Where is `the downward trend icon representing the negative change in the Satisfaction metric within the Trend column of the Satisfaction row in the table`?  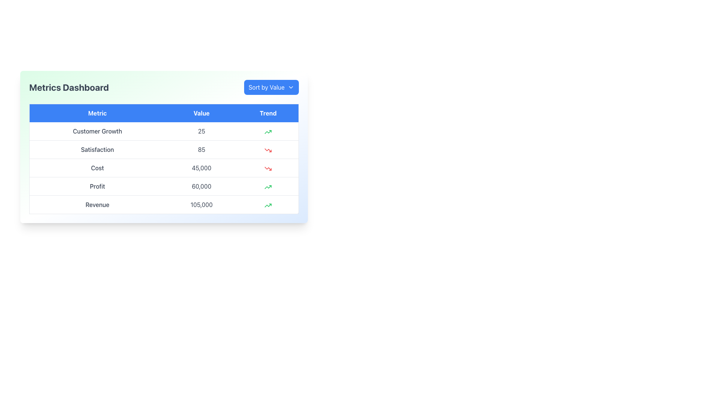 the downward trend icon representing the negative change in the Satisfaction metric within the Trend column of the Satisfaction row in the table is located at coordinates (268, 150).